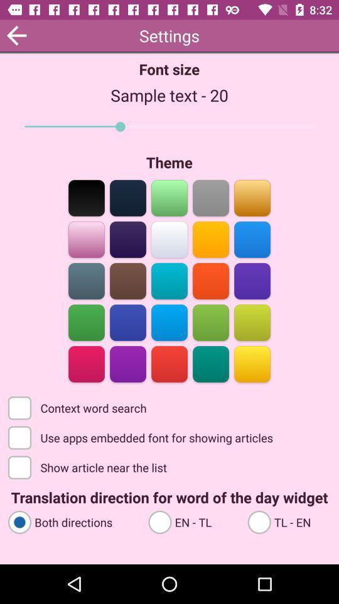 The width and height of the screenshot is (339, 604). What do you see at coordinates (86, 238) in the screenshot?
I see `choose the theme color` at bounding box center [86, 238].